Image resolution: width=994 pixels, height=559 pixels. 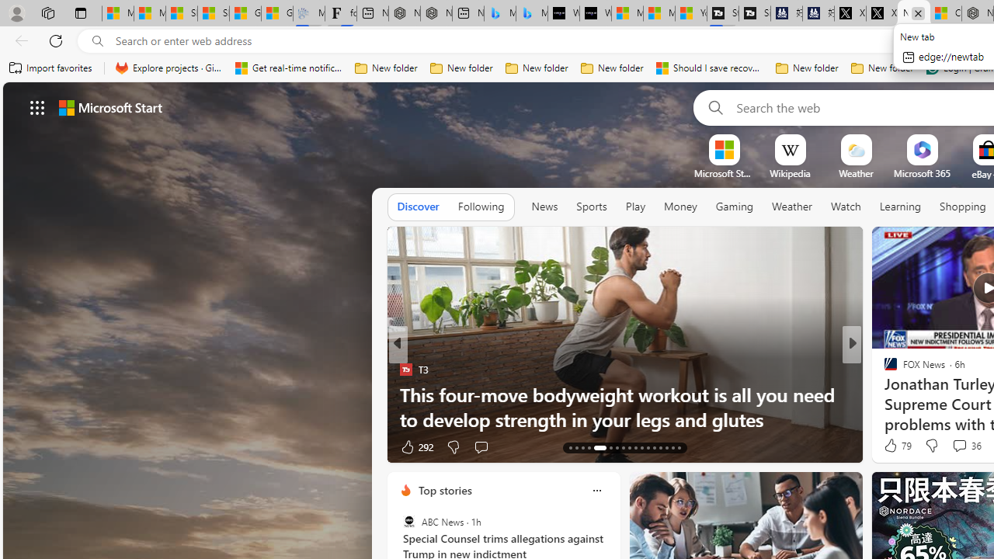 I want to click on 'Import favorites', so click(x=50, y=68).